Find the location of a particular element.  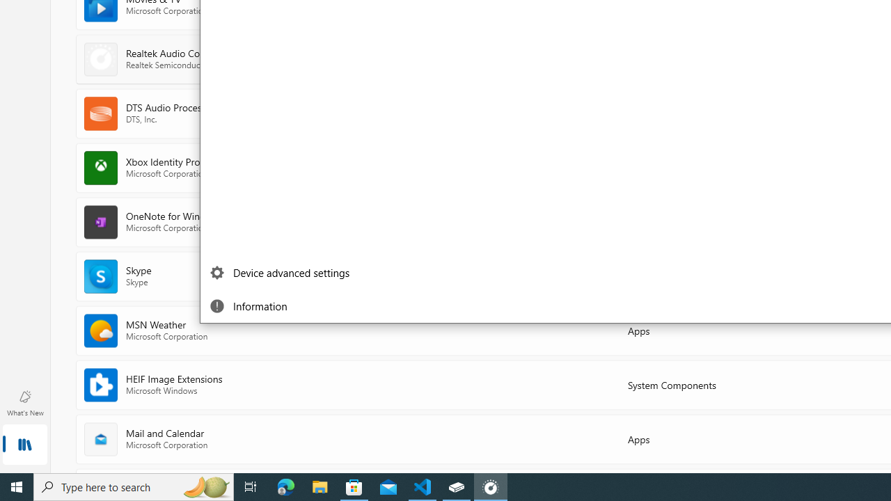

'Device advanced settings' is located at coordinates (282, 273).